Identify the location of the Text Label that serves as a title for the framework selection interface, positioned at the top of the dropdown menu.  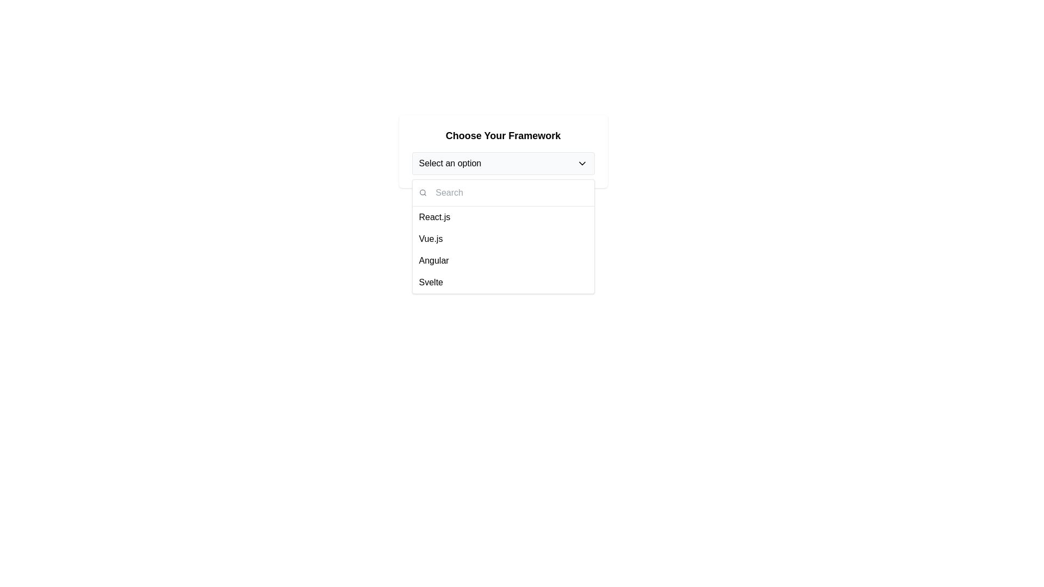
(502, 135).